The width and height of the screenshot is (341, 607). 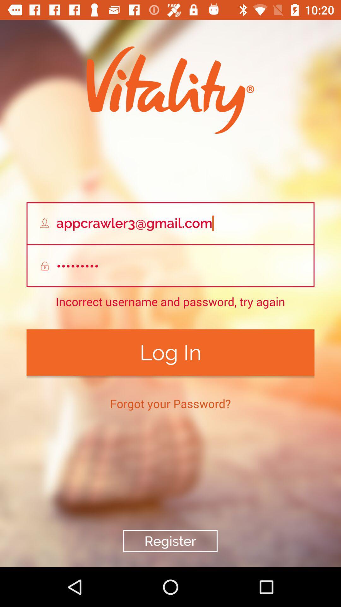 I want to click on item above the register, so click(x=170, y=403).